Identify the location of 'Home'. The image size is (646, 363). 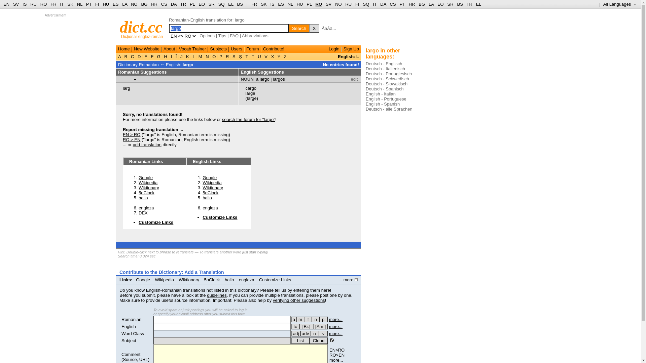
(124, 48).